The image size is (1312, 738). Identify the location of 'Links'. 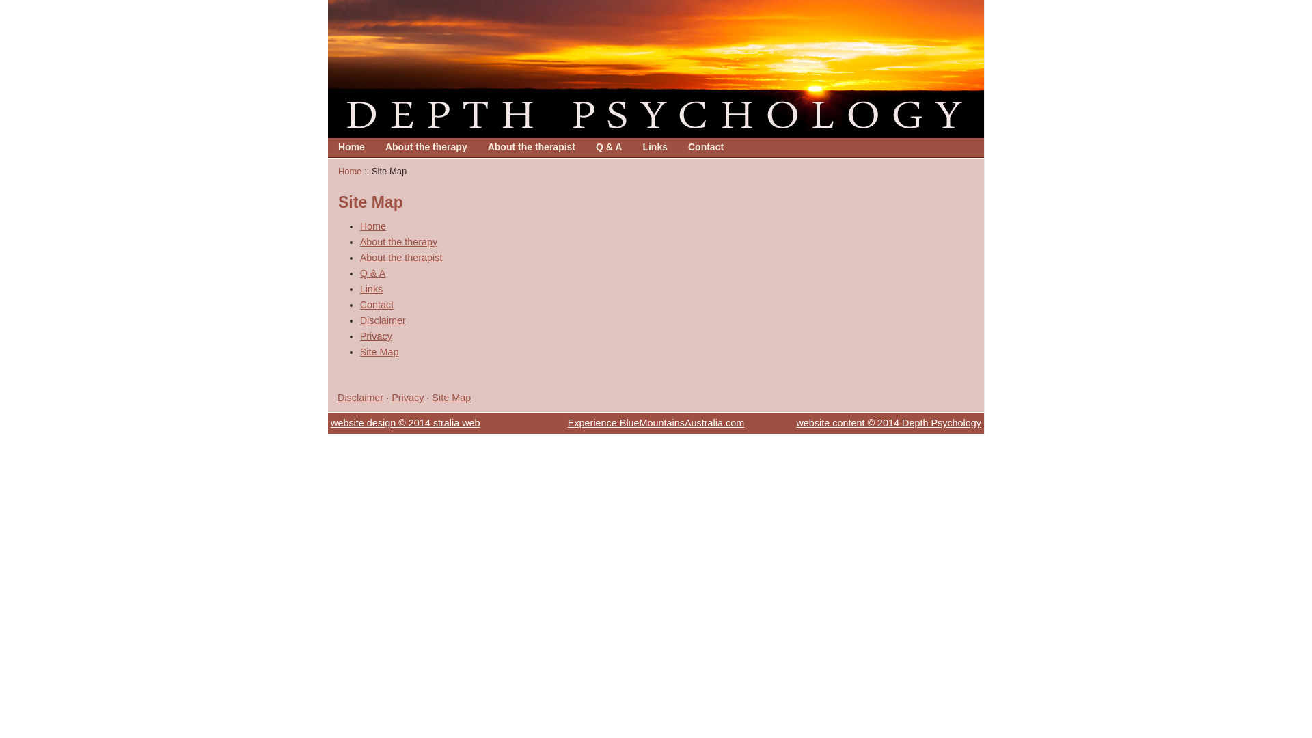
(654, 147).